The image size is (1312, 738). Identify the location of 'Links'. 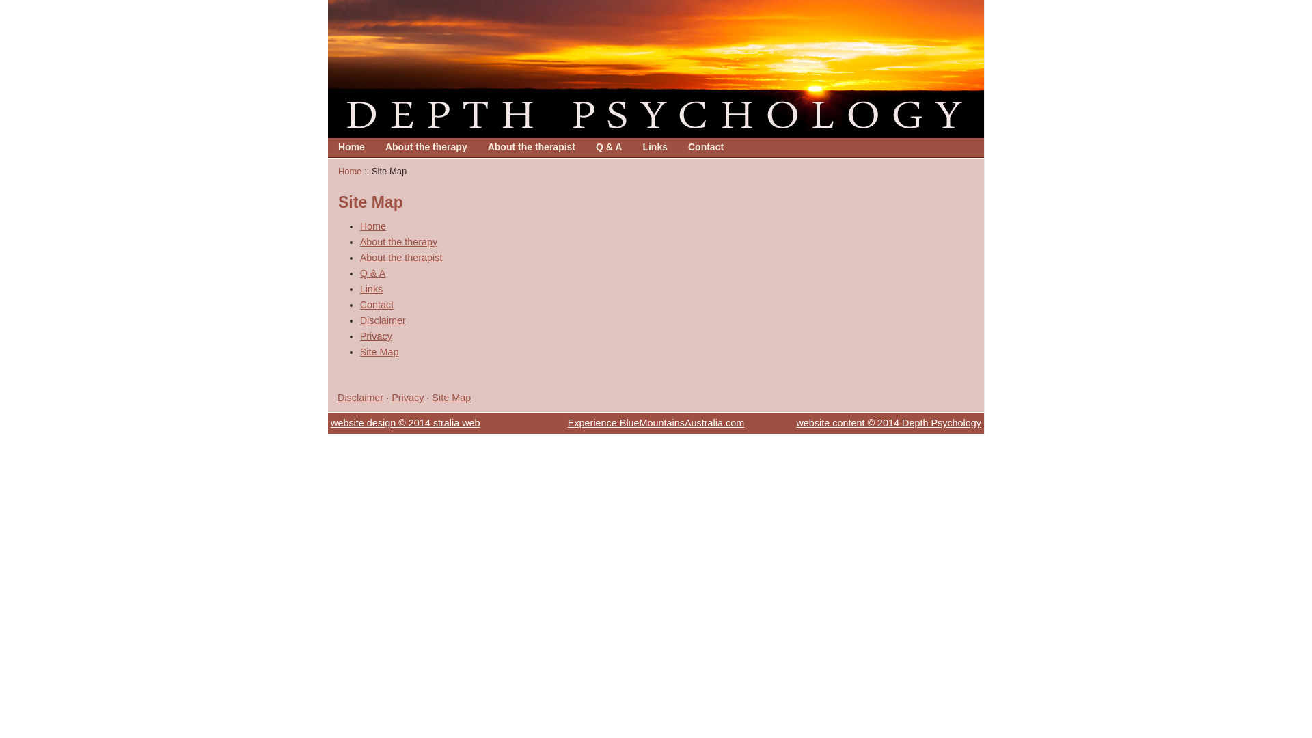
(654, 147).